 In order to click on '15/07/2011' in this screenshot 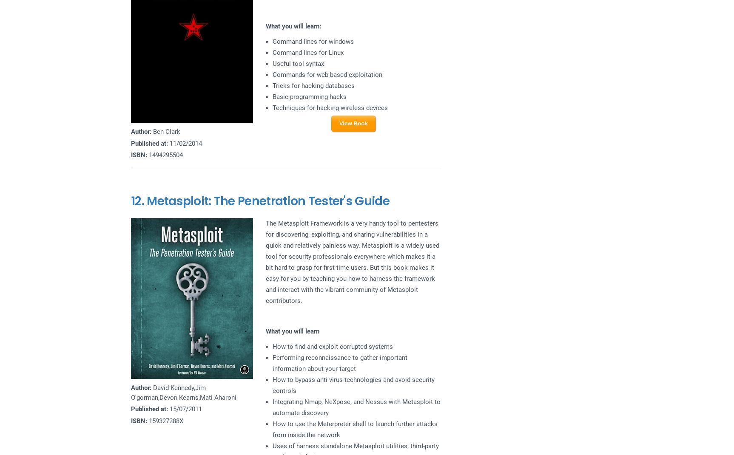, I will do `click(184, 409)`.